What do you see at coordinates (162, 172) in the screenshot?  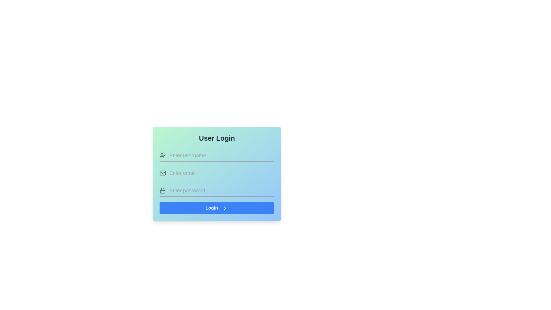 I see `the triangular-shaped graphic within the envelope icon that represents the fold of the envelope, located to the left of the 'Enter email' input field in the login form` at bounding box center [162, 172].